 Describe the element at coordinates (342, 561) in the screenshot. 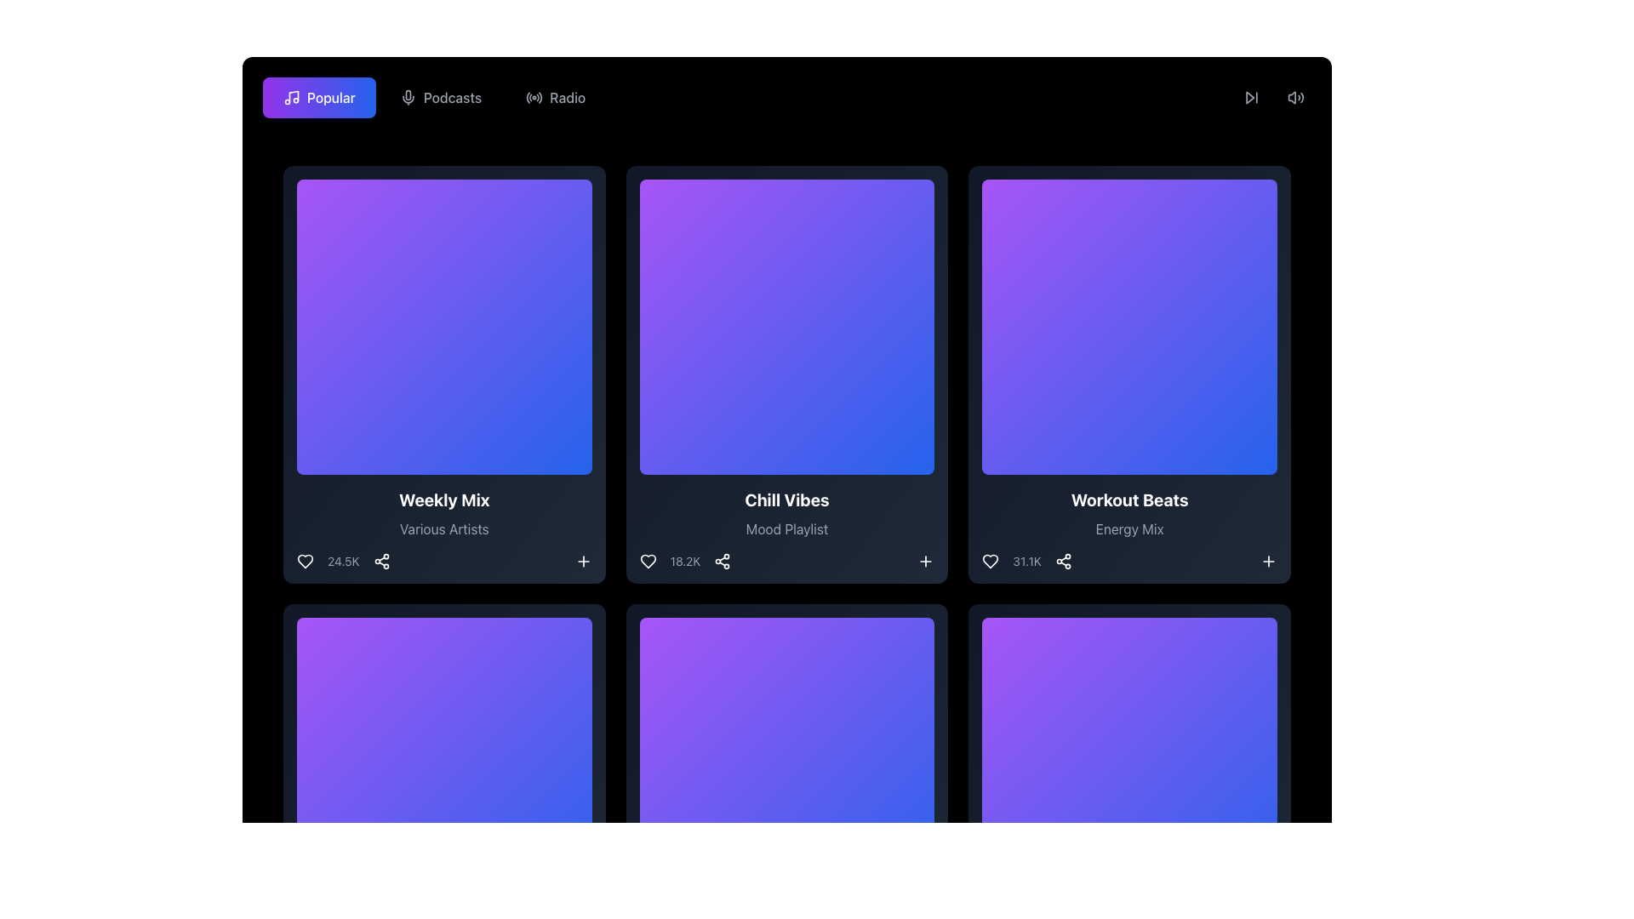

I see `the text label displaying '24.5K', which is styled in a small gray font and located below the 'Weekly Mix' card, between two icons` at that location.